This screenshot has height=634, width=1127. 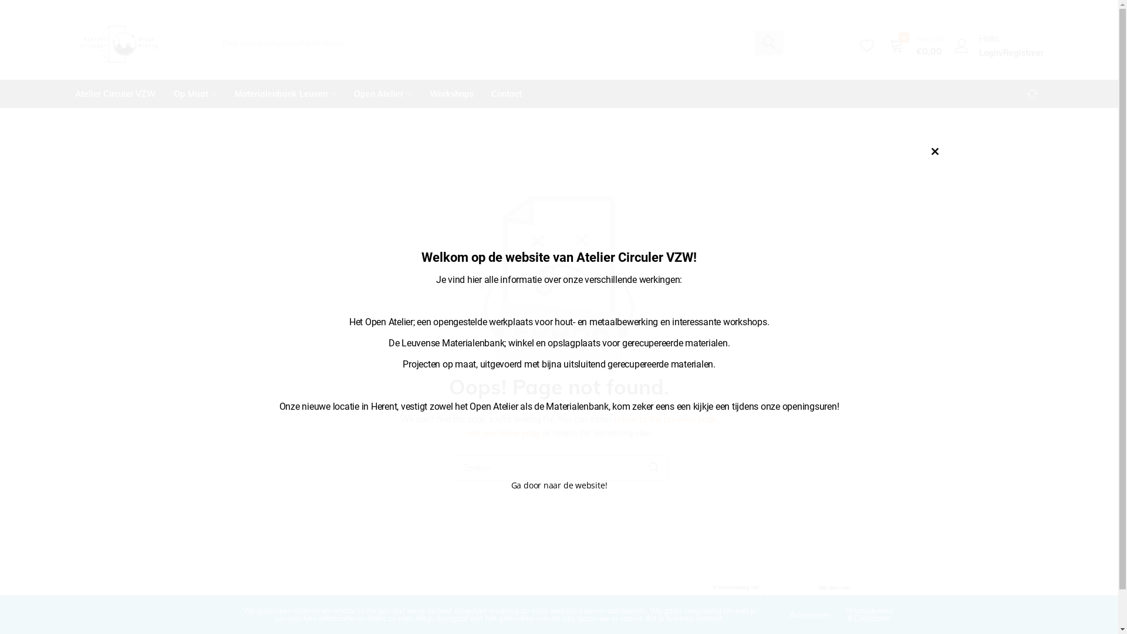 I want to click on 'Atelier Circuler VZW', so click(x=120, y=93).